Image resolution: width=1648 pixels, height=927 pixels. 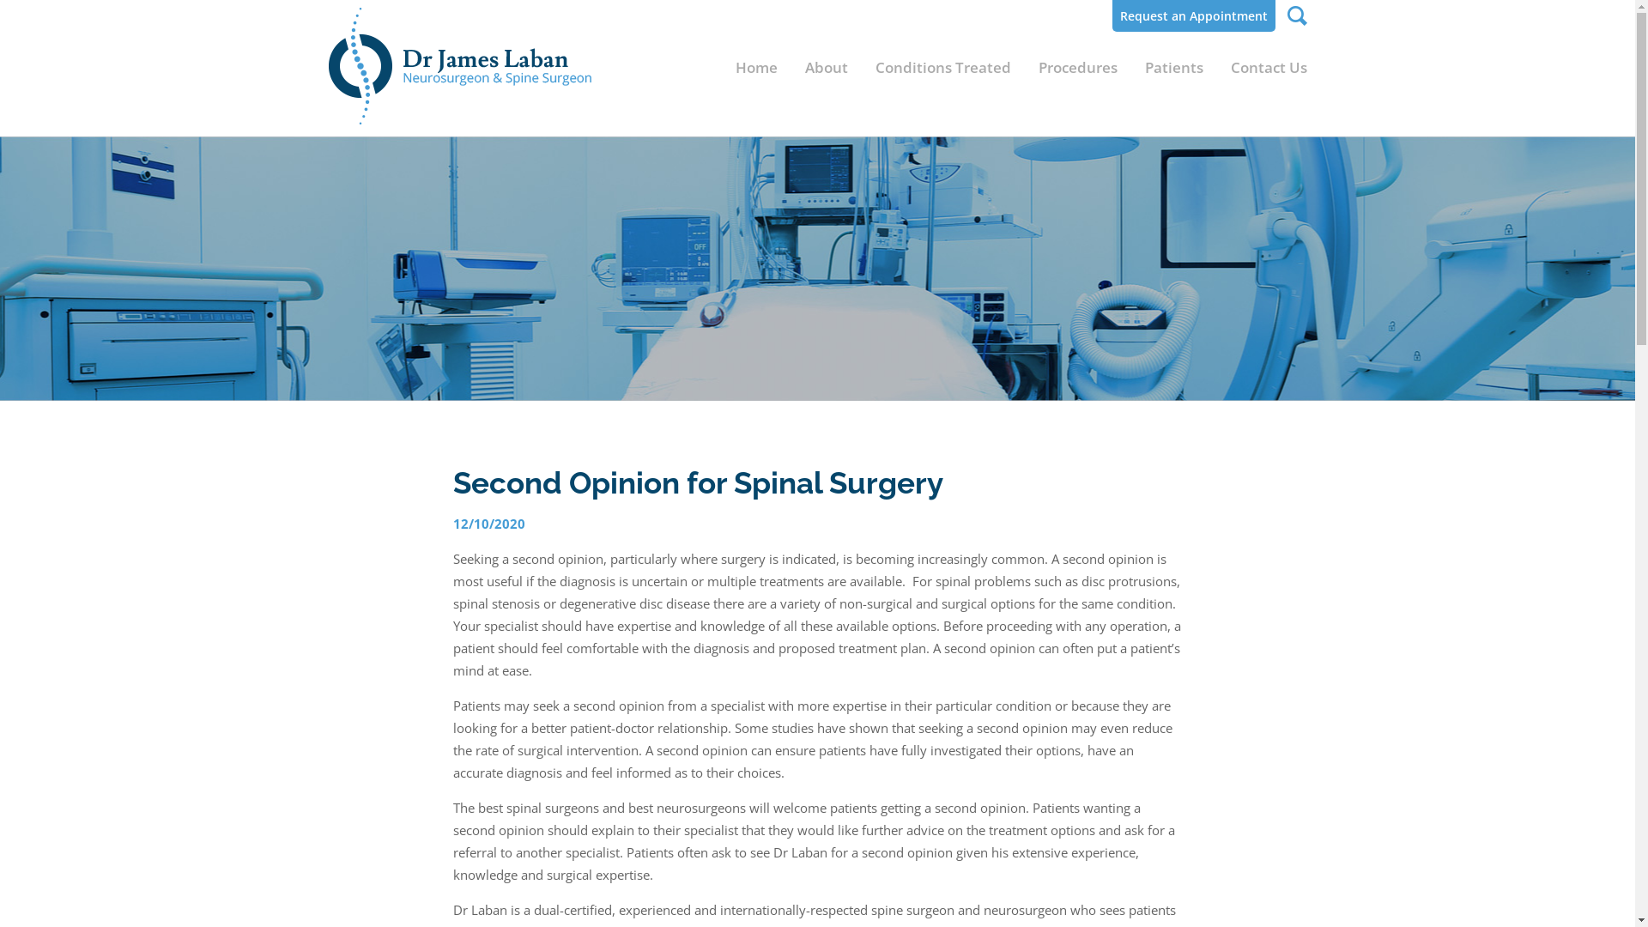 I want to click on 'Home', so click(x=761, y=66).